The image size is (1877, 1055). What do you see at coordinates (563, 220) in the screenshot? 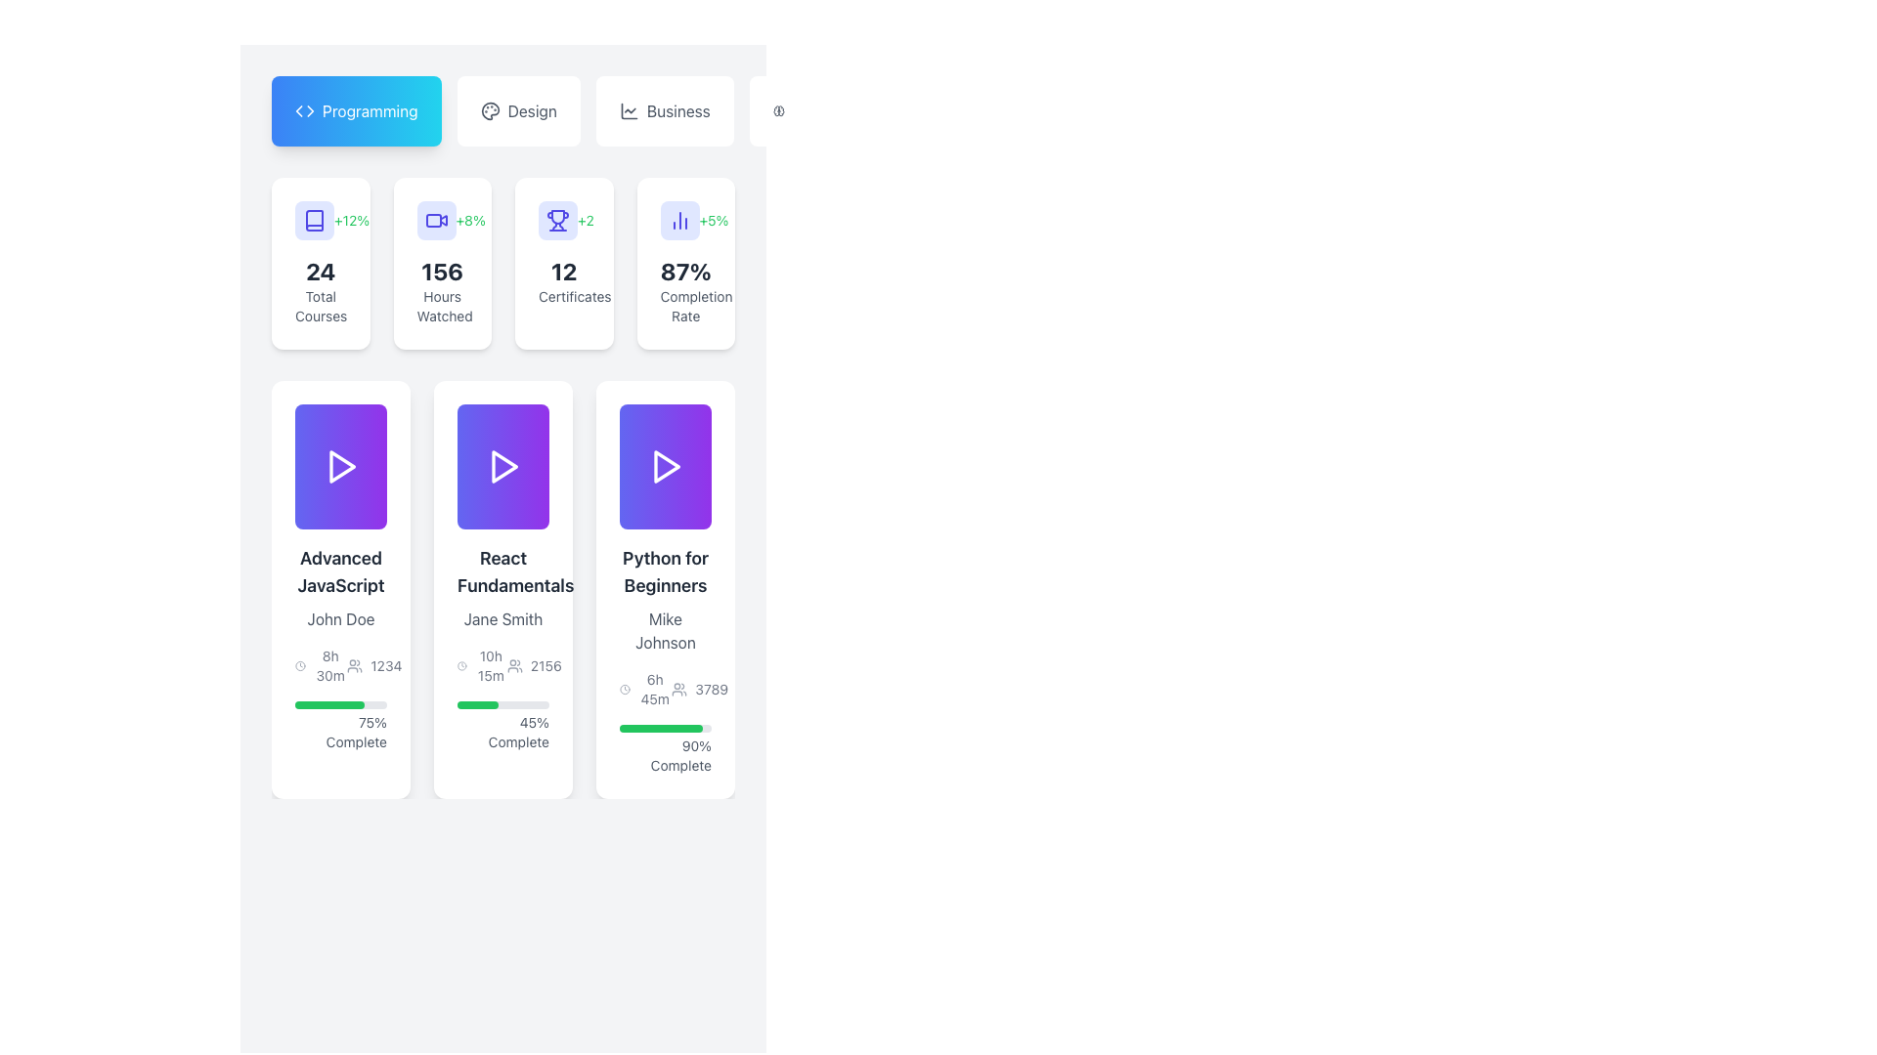
I see `the small trophy icon with an indigo-blue outline located in the center of the 'Certificates' box` at bounding box center [563, 220].